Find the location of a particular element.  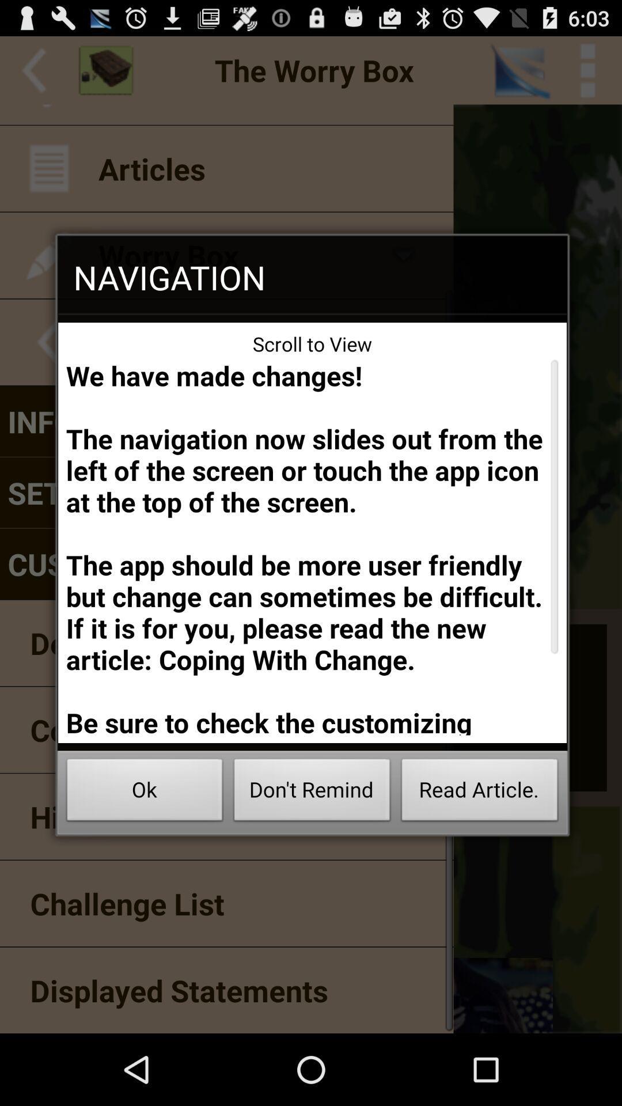

the icon next to don't remind item is located at coordinates (144, 793).